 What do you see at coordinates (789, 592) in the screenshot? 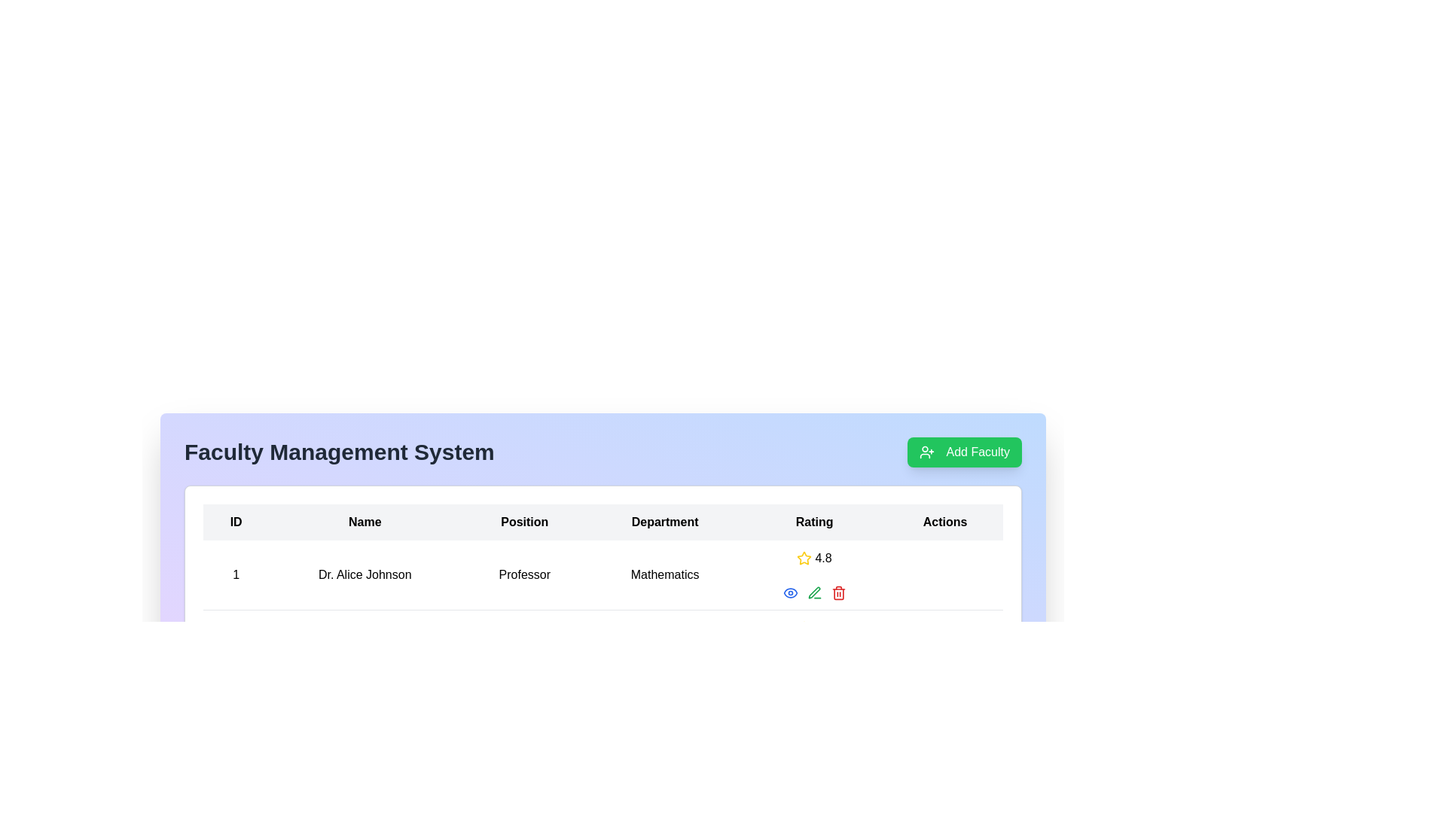
I see `the button icon in the Actions column for the professor Dr. Alice Johnson to change its color` at bounding box center [789, 592].